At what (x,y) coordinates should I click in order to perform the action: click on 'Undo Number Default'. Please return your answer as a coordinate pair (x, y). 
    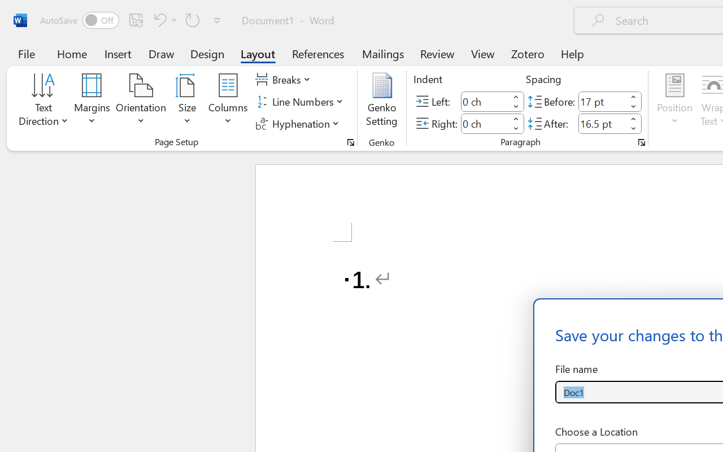
    Looking at the image, I should click on (158, 19).